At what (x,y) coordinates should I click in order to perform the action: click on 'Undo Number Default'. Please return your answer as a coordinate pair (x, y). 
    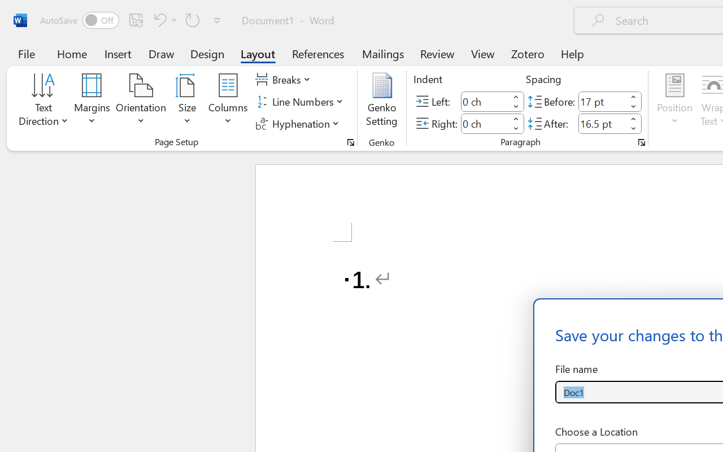
    Looking at the image, I should click on (158, 19).